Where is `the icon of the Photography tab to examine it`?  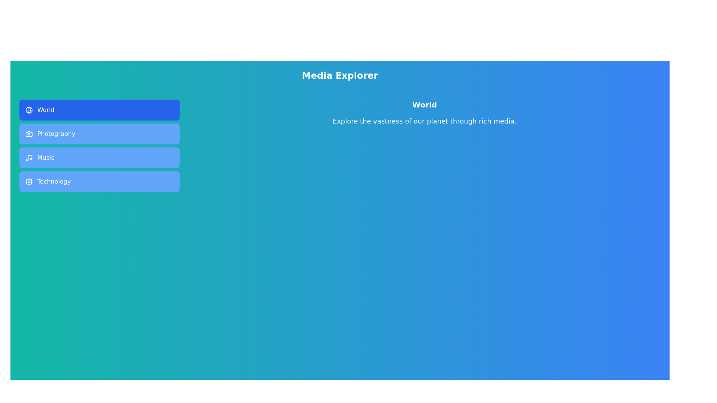
the icon of the Photography tab to examine it is located at coordinates (29, 133).